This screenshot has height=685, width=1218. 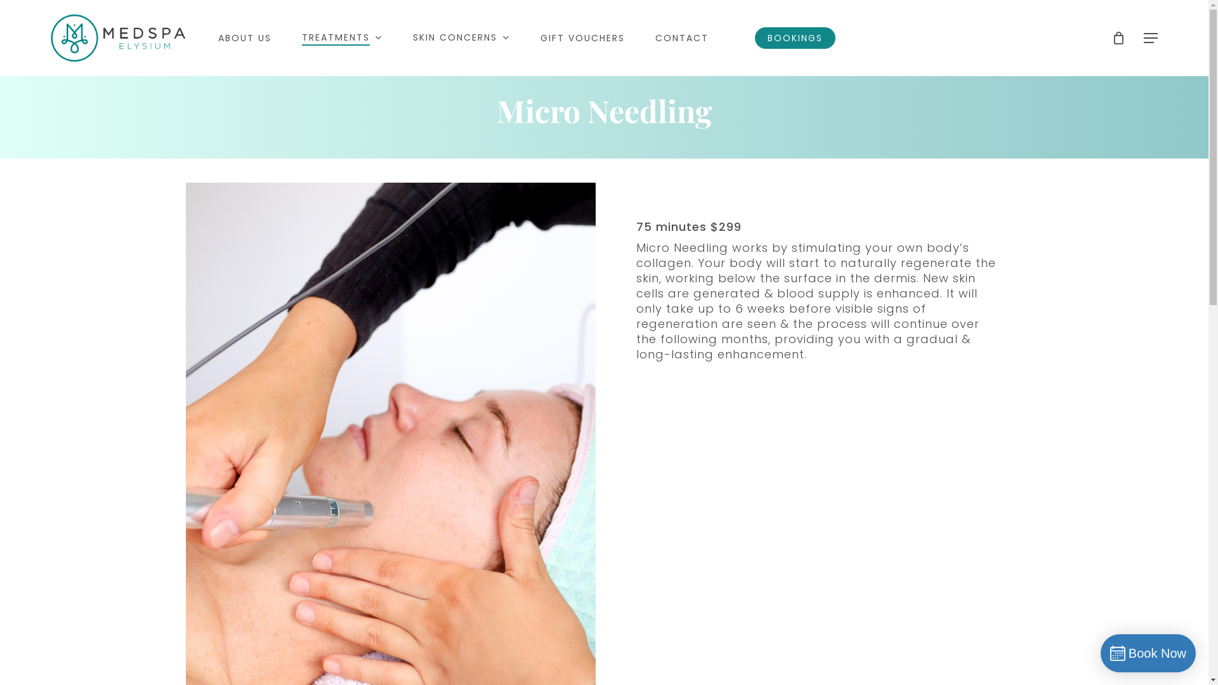 I want to click on 'SKIN CONCERNS', so click(x=461, y=37).